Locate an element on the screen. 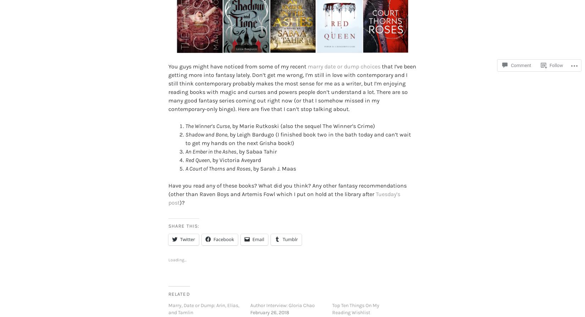  'Share this:' is located at coordinates (183, 215).